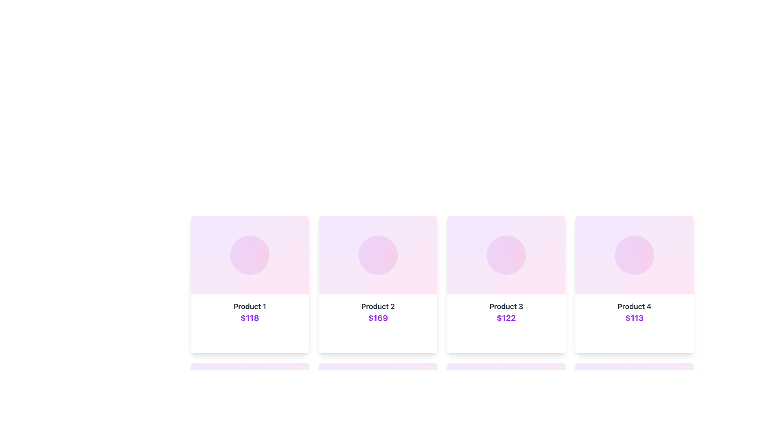 The image size is (784, 441). I want to click on the first product card in the grid layout, which displays the product's name, price, and additional options, so click(249, 284).